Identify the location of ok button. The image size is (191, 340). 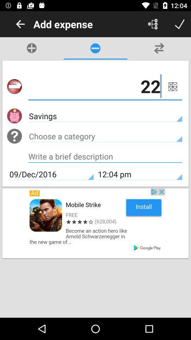
(180, 24).